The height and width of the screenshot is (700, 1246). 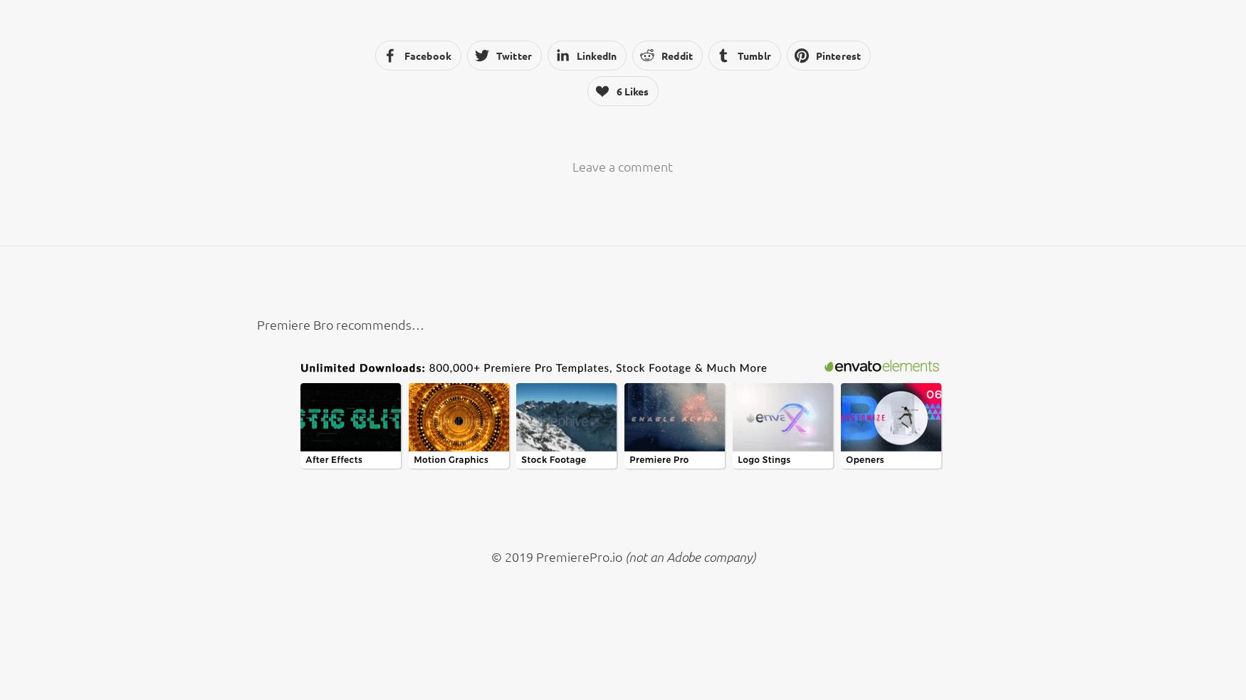 What do you see at coordinates (340, 323) in the screenshot?
I see `'Premiere Bro recommends…'` at bounding box center [340, 323].